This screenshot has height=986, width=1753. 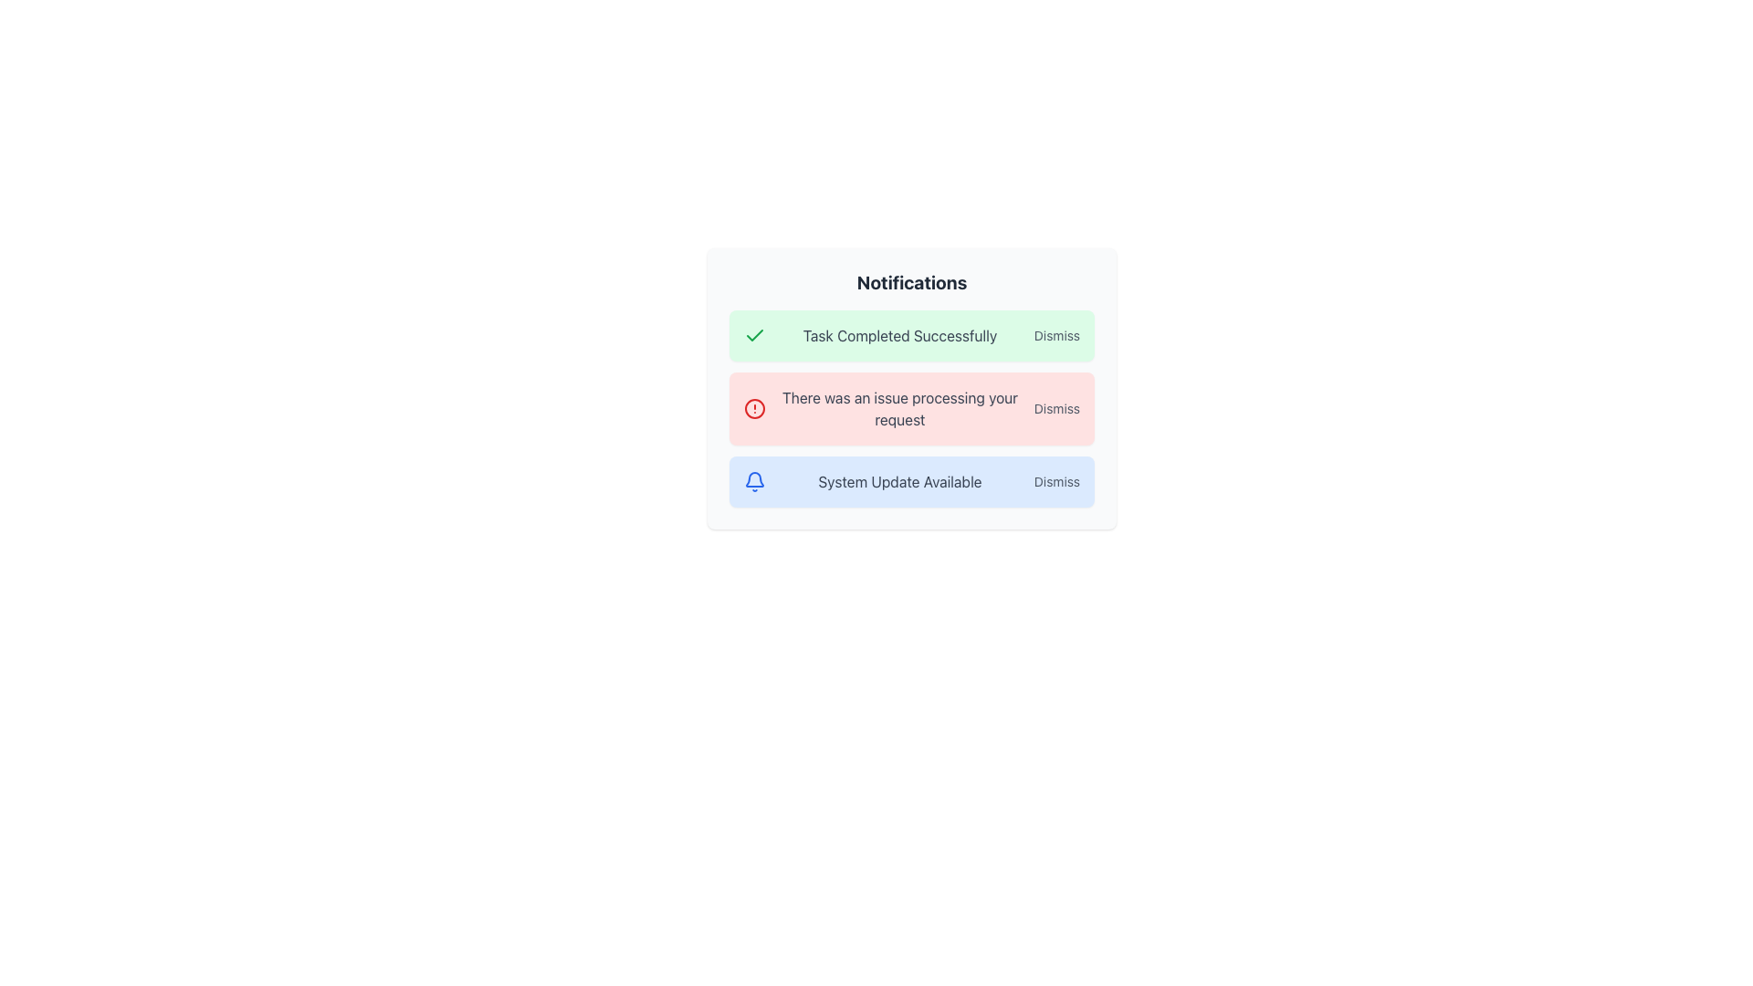 What do you see at coordinates (1056, 335) in the screenshot?
I see `the dismiss button located at the end of the first notification card, to the right of the text 'Task Completed Successfully'` at bounding box center [1056, 335].